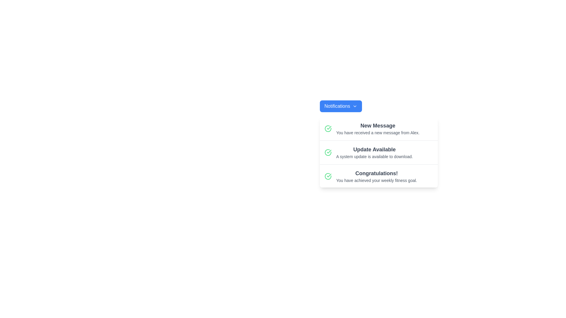  I want to click on the success indicator icon located on the left side of the content row that reads 'Congratulations! You have achieved your weekly fitness goal.', so click(328, 176).